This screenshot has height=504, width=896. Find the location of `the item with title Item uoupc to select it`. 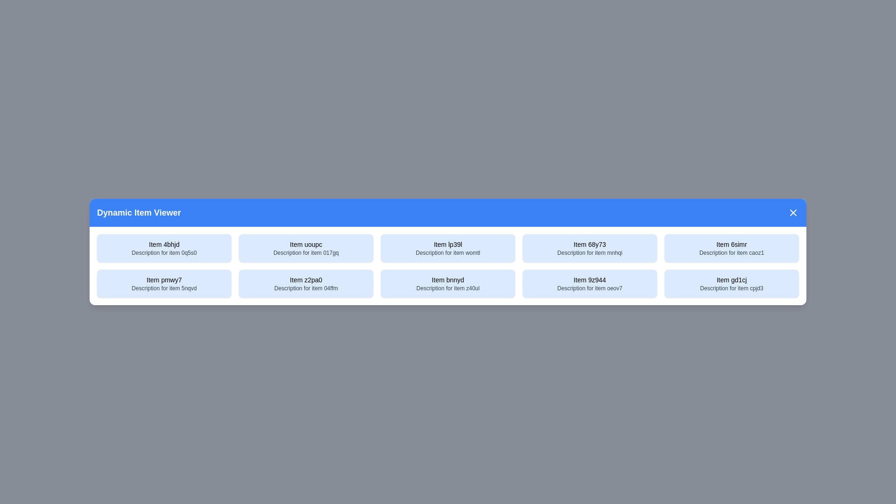

the item with title Item uoupc to select it is located at coordinates (306, 248).